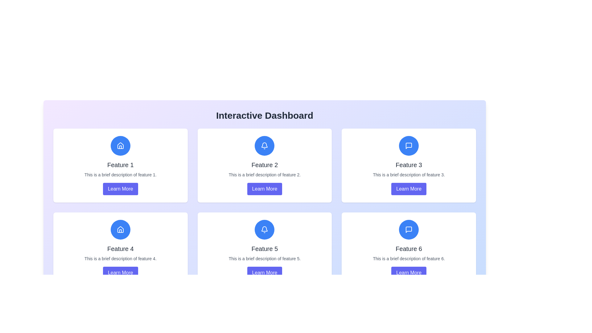  What do you see at coordinates (120, 165) in the screenshot?
I see `the text label that provides a title for the feature in the first feature card, positioned below the circular icon and above the text description` at bounding box center [120, 165].